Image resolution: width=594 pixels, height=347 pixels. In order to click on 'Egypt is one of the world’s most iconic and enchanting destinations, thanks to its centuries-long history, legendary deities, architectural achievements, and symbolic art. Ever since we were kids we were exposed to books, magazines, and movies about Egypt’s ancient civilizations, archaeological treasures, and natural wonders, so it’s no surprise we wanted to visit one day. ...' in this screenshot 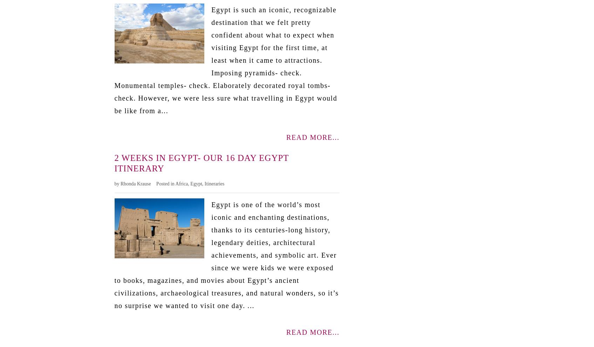, I will do `click(226, 254)`.